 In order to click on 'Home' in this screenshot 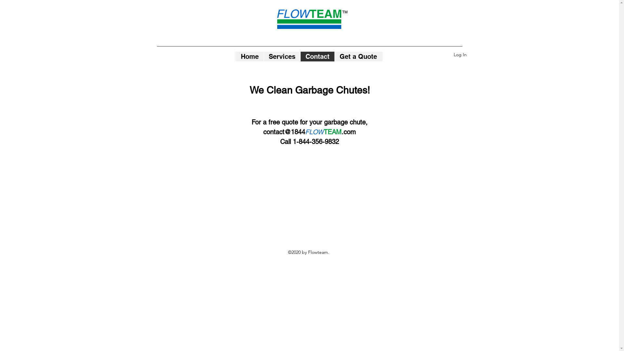, I will do `click(249, 56)`.